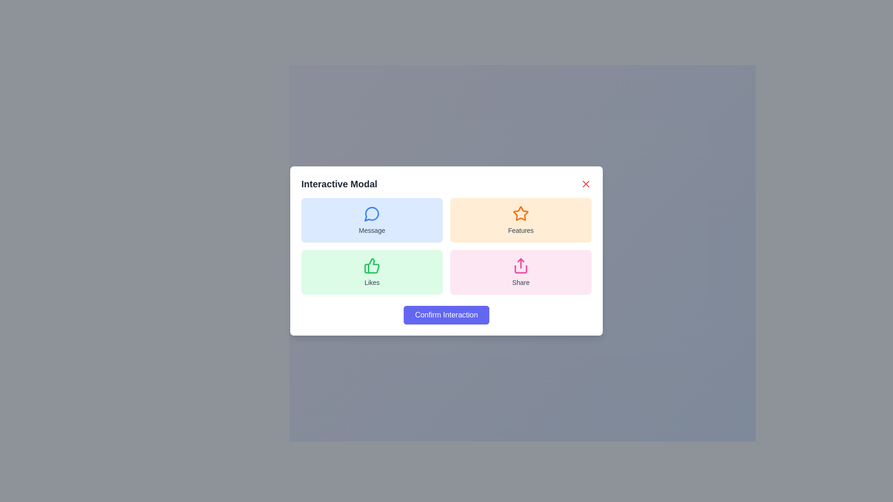 The height and width of the screenshot is (502, 893). What do you see at coordinates (520, 269) in the screenshot?
I see `the decorative icon segment within the 'Share' button located in the bottom-right section of the modal, which aids in the recognition of its function` at bounding box center [520, 269].